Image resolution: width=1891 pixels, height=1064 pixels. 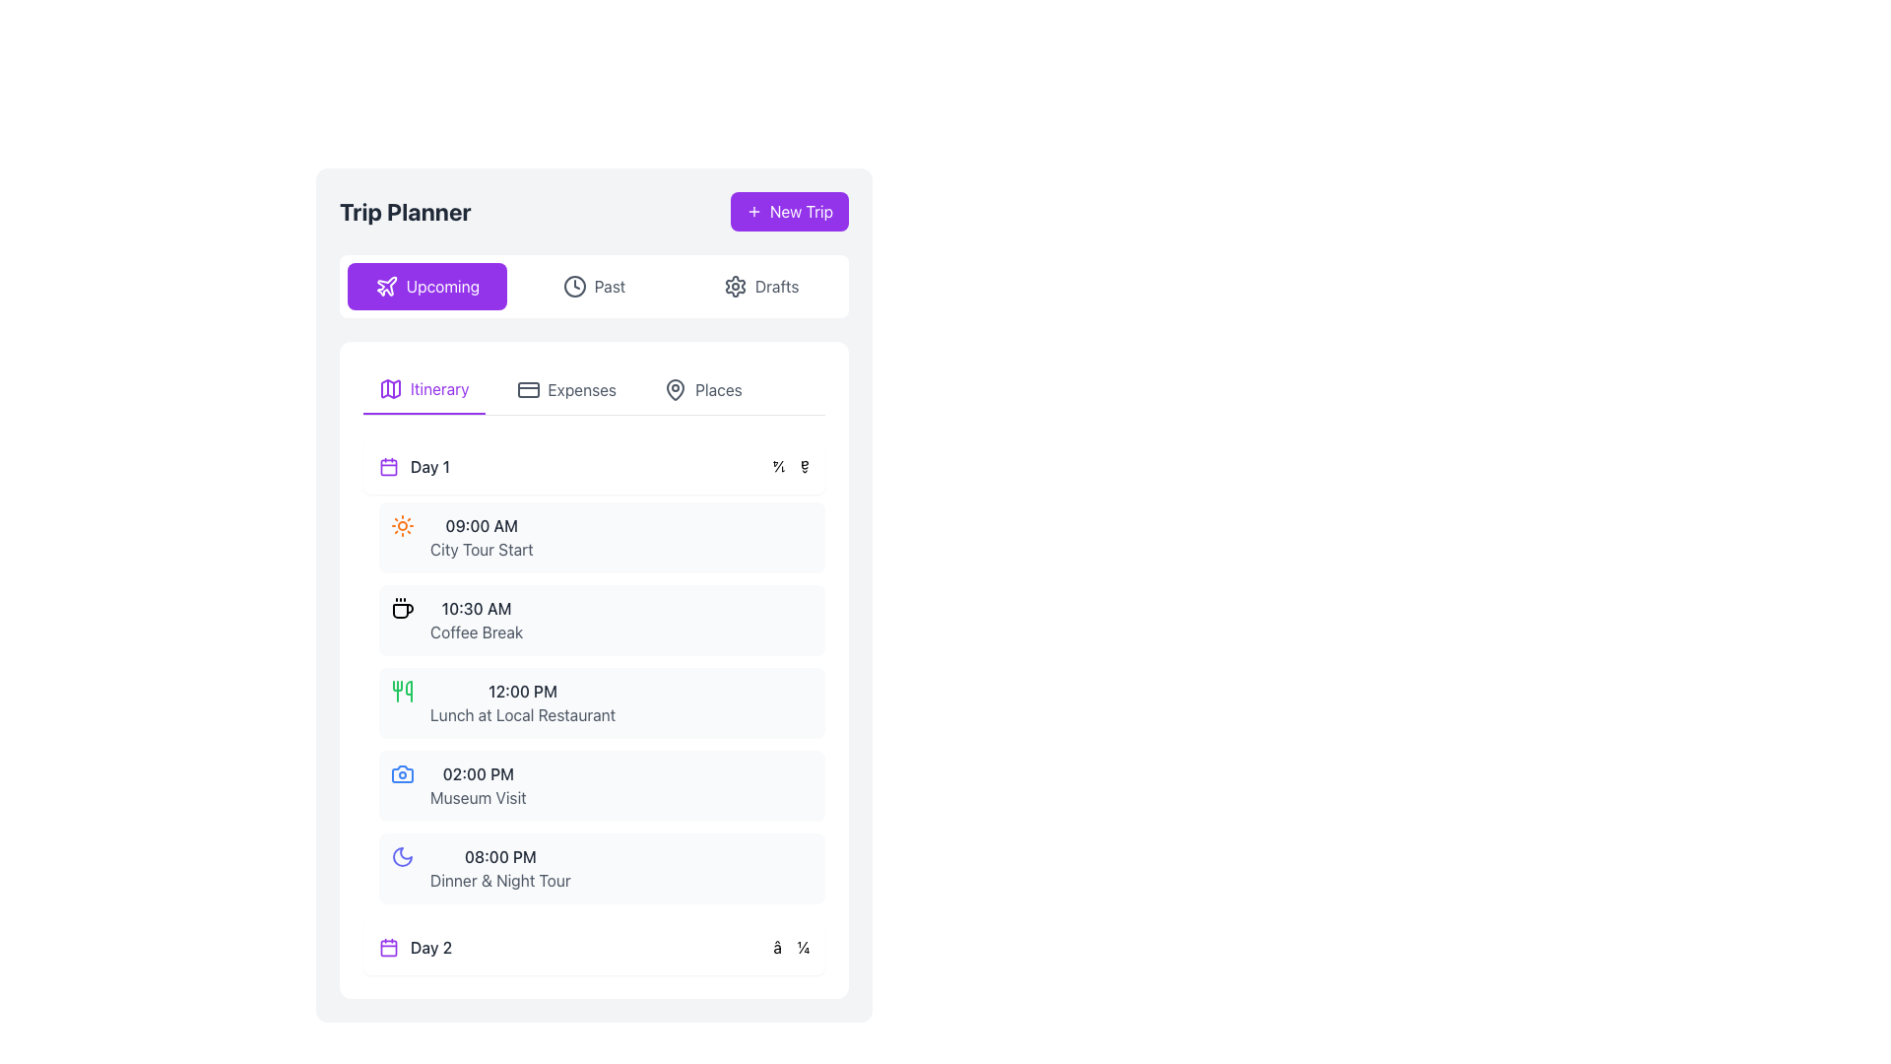 I want to click on the 'Drafts' button, which is a rectangular button with rounded corners, displaying a gear icon and gray text on a white background, so click(x=760, y=286).